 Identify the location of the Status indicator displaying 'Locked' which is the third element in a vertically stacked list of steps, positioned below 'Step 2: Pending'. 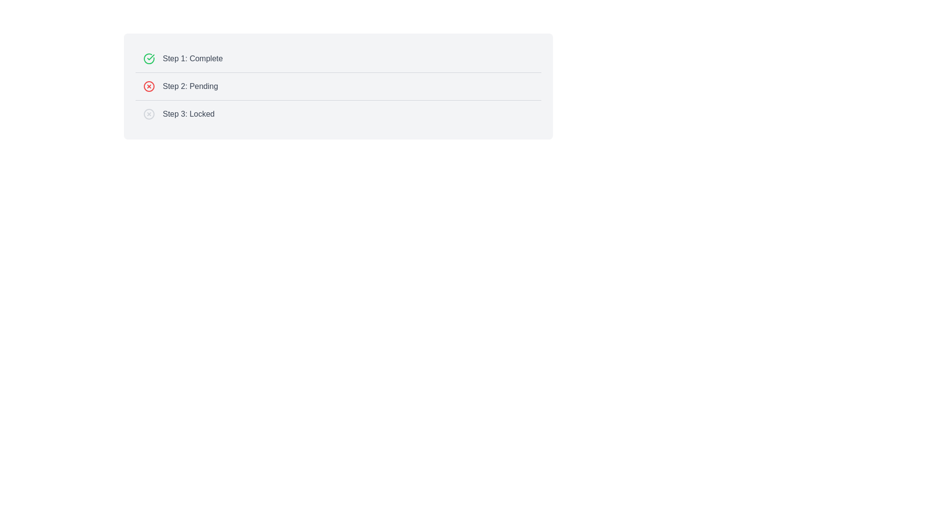
(338, 114).